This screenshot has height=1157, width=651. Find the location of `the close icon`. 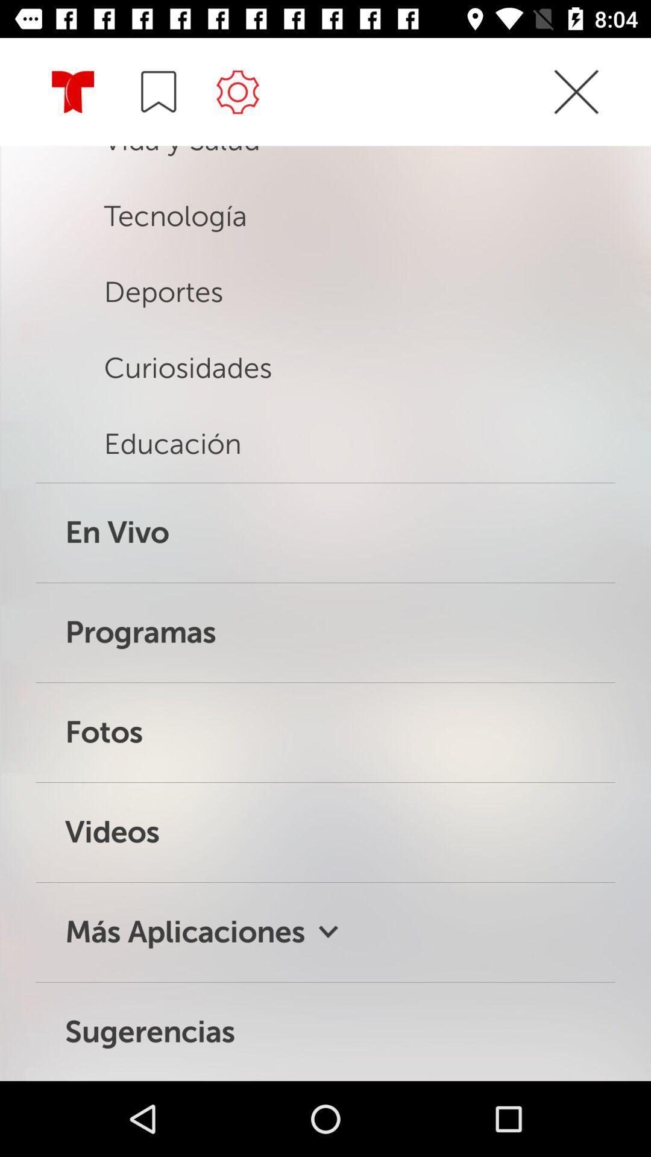

the close icon is located at coordinates (576, 113).